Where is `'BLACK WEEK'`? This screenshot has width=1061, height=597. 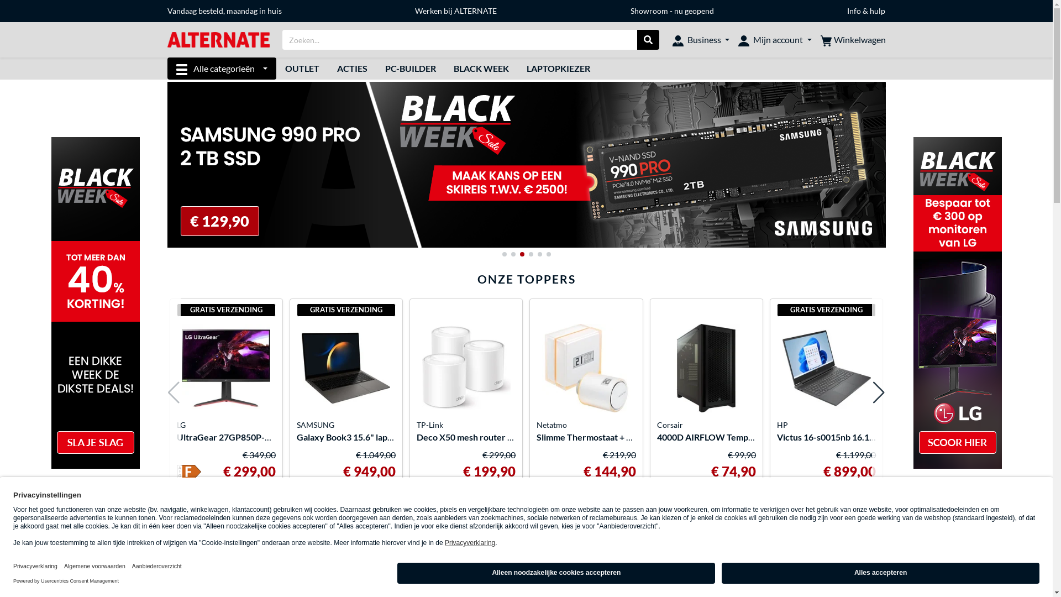
'BLACK WEEK' is located at coordinates (481, 68).